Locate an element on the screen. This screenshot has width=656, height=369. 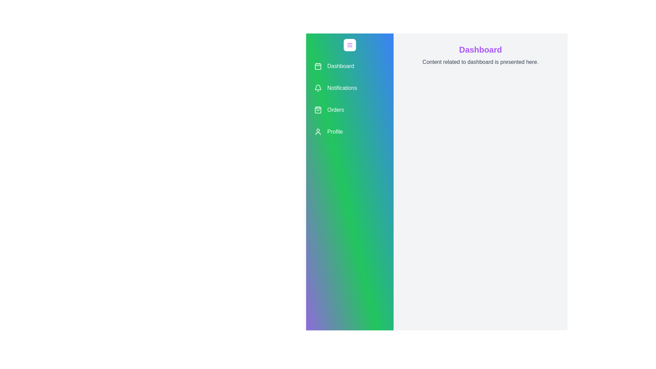
the menu item labeled 'Notifications' to observe the hover effect is located at coordinates (350, 88).